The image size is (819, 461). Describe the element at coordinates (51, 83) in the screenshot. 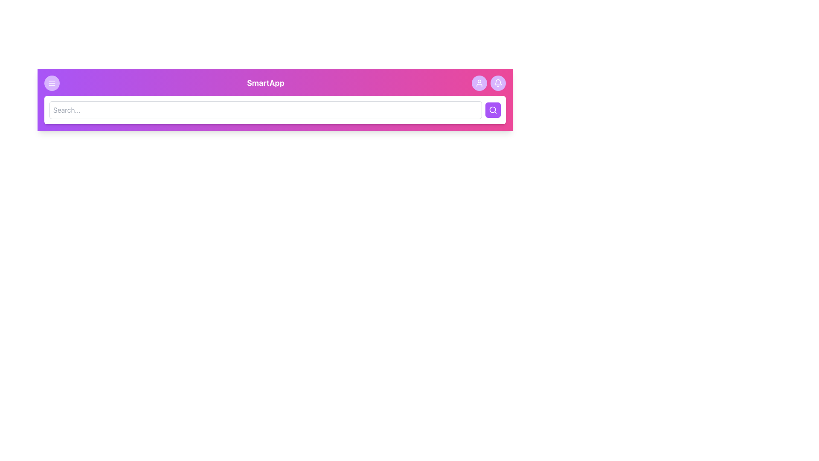

I see `the circular purple button with a white text icon representing a menu, located on the leftmost side of the header bar` at that location.